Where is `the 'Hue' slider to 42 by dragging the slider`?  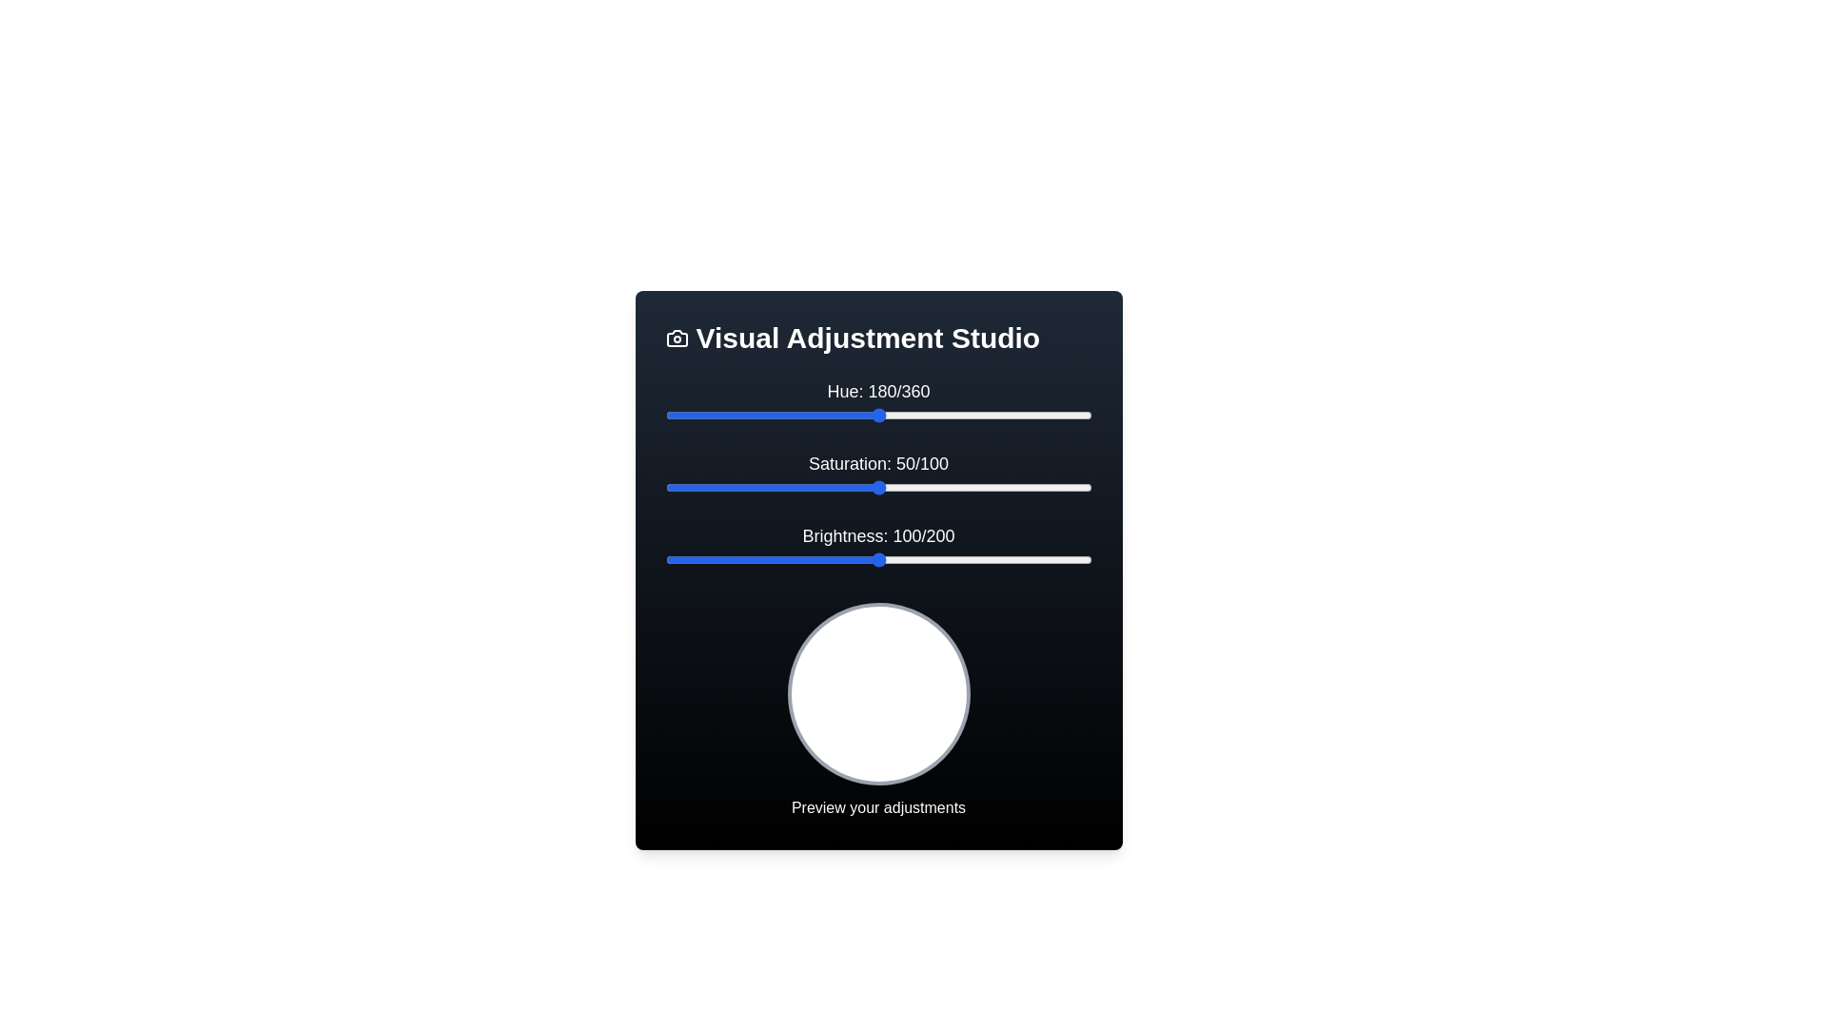
the 'Hue' slider to 42 by dragging the slider is located at coordinates (714, 414).